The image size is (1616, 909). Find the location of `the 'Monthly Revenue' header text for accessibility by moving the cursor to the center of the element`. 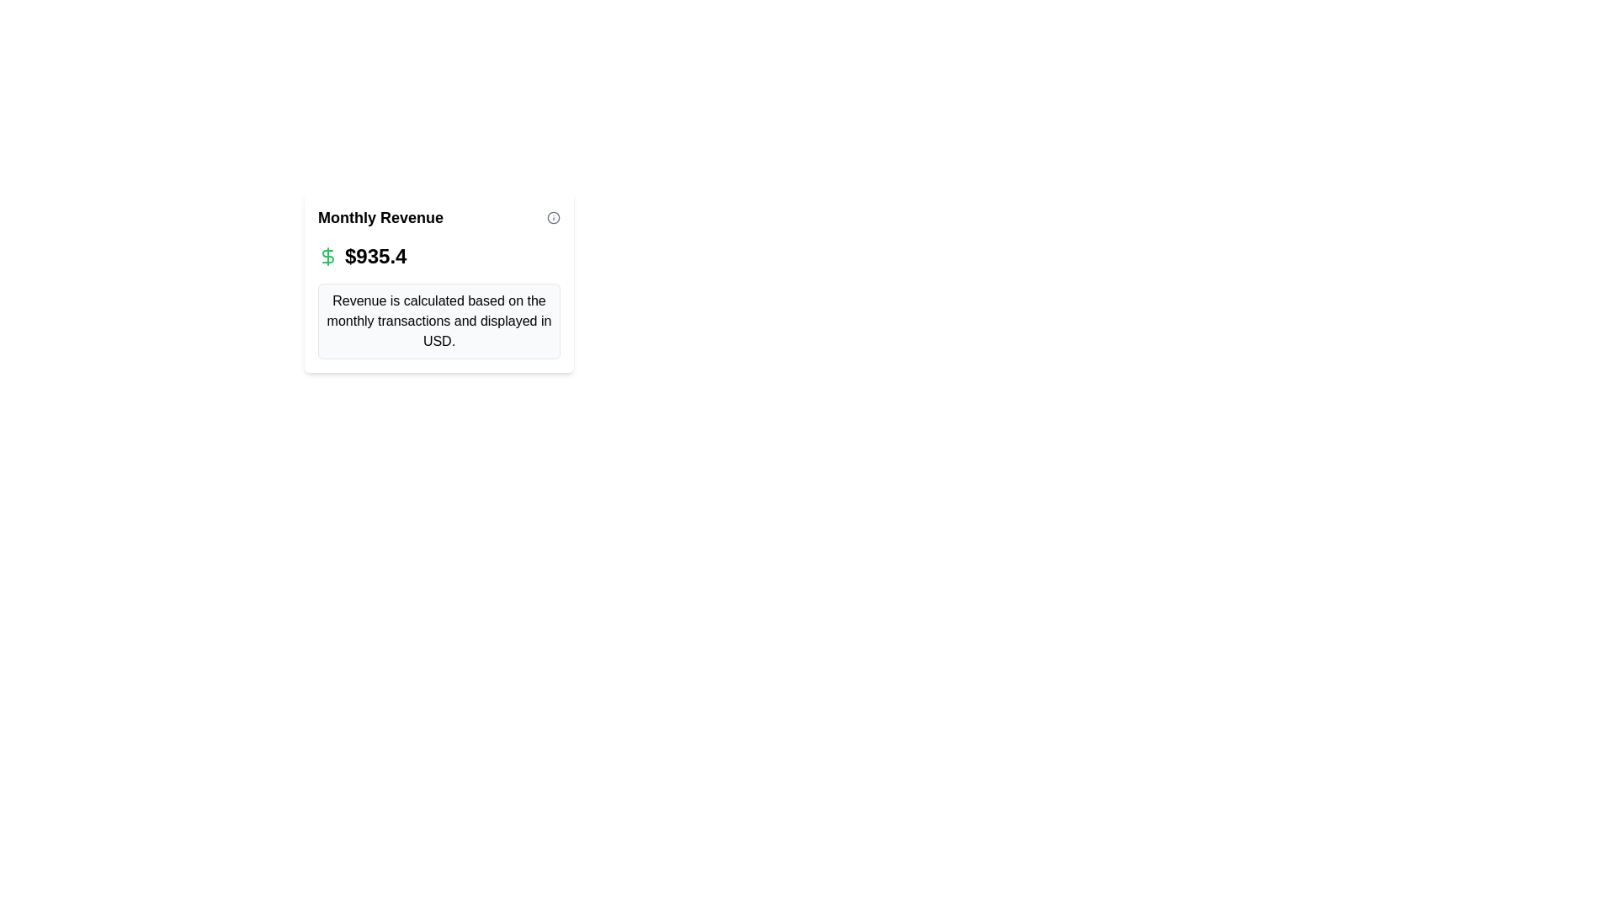

the 'Monthly Revenue' header text for accessibility by moving the cursor to the center of the element is located at coordinates (439, 216).